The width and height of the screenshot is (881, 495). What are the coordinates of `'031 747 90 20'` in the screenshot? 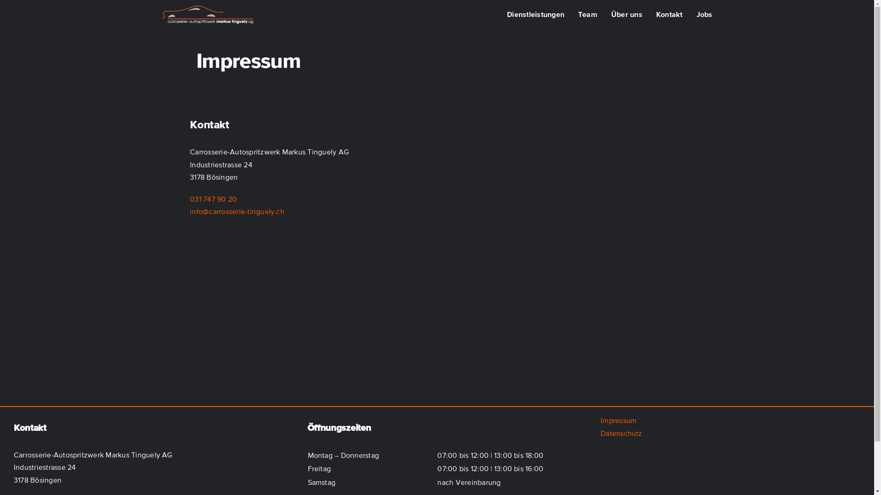 It's located at (213, 198).